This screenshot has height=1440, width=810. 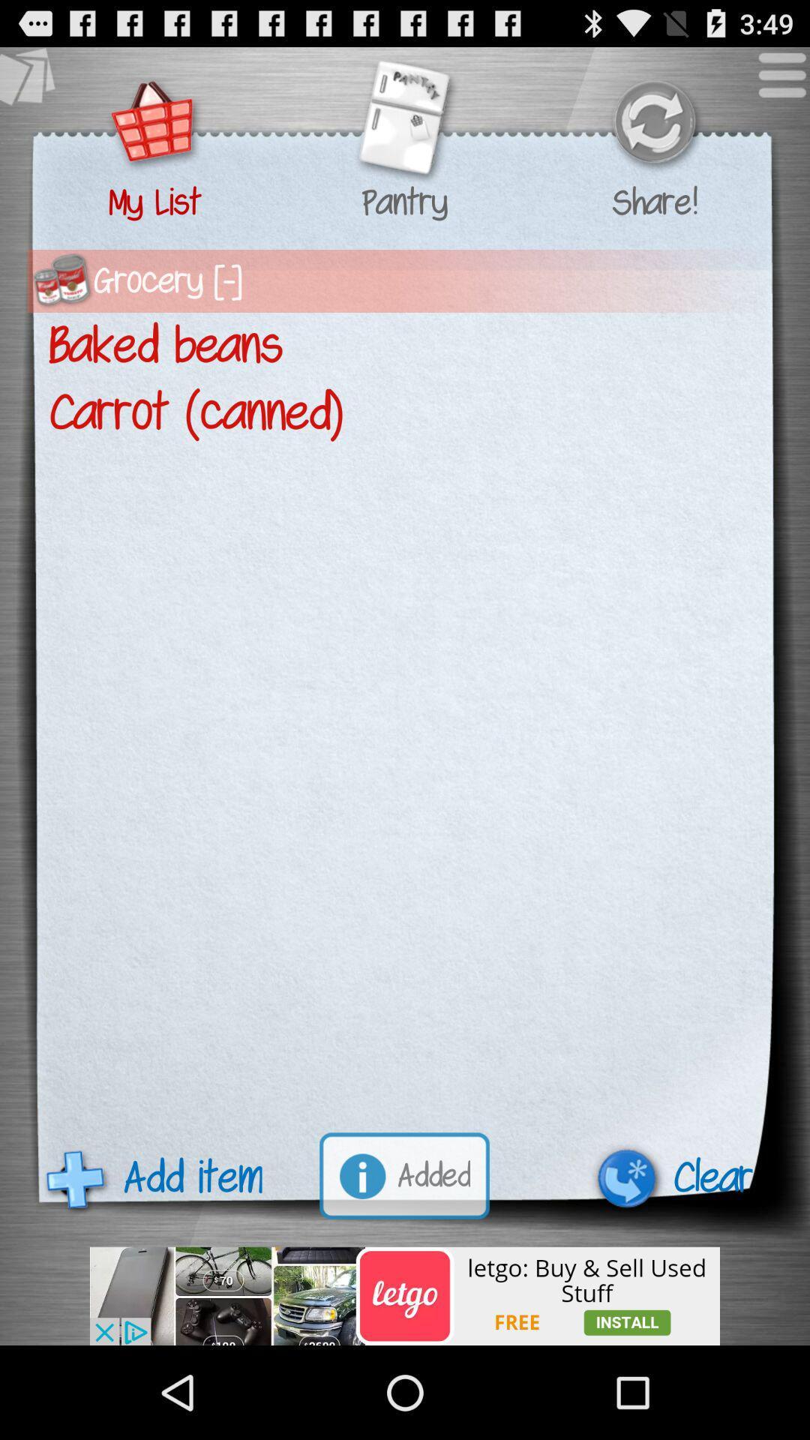 I want to click on pantry option button, so click(x=403, y=124).